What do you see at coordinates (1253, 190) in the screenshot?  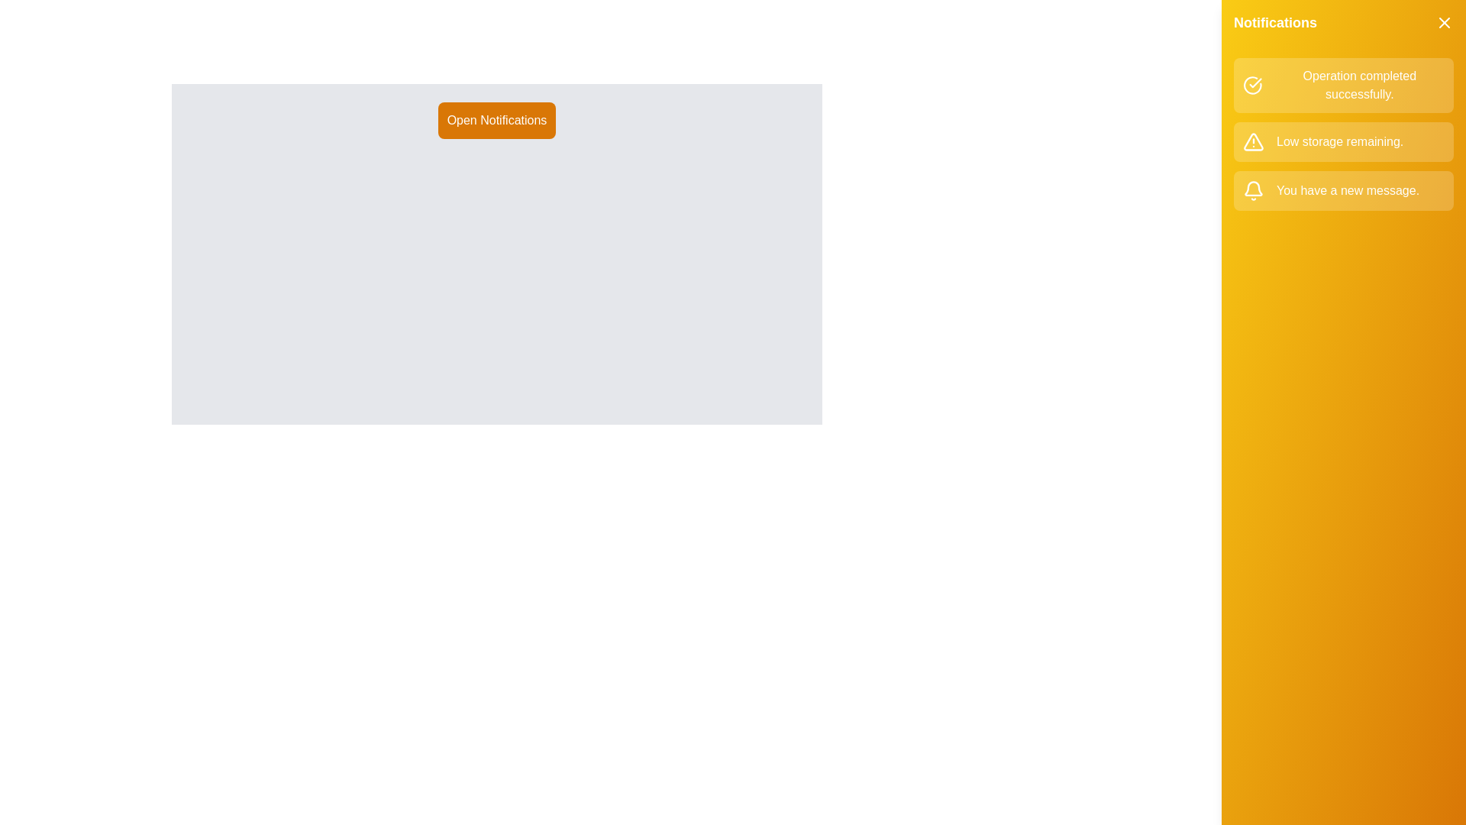 I see `the notification icon corresponding to info` at bounding box center [1253, 190].